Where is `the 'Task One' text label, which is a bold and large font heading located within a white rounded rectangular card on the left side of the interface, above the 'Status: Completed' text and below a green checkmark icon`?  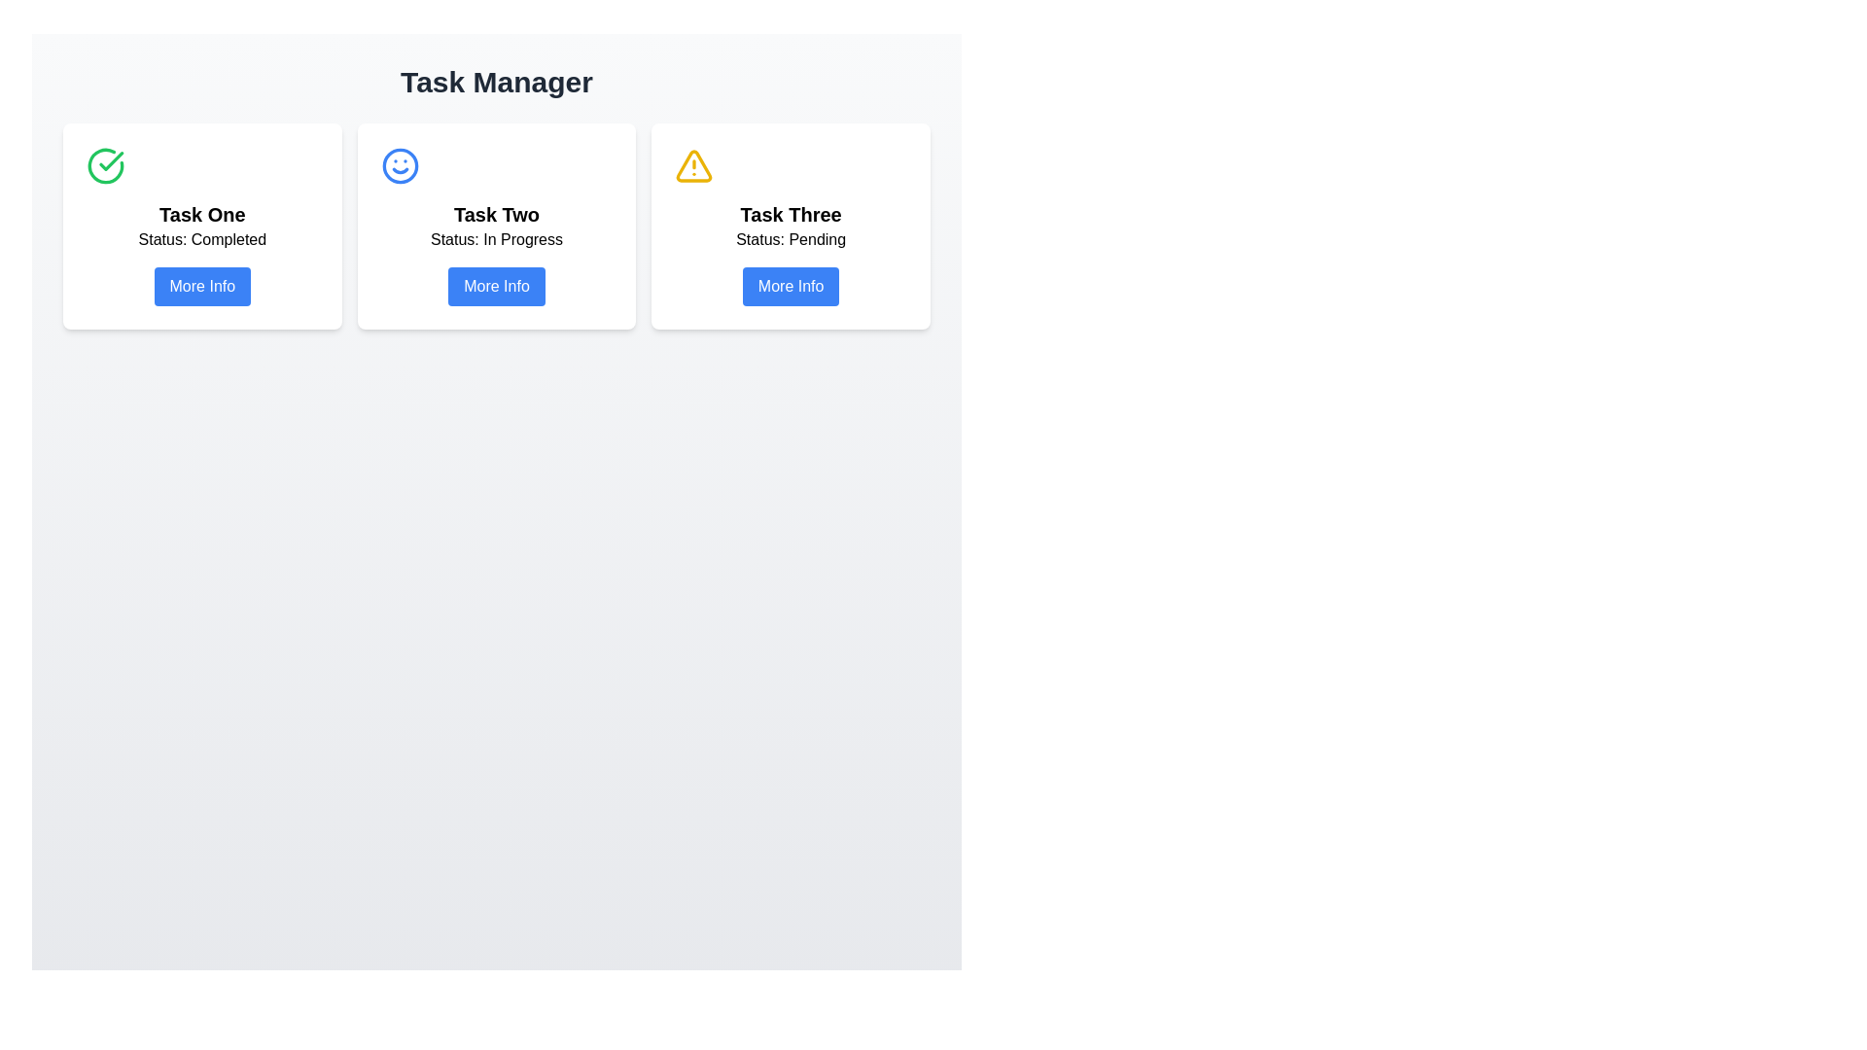 the 'Task One' text label, which is a bold and large font heading located within a white rounded rectangular card on the left side of the interface, above the 'Status: Completed' text and below a green checkmark icon is located at coordinates (202, 214).